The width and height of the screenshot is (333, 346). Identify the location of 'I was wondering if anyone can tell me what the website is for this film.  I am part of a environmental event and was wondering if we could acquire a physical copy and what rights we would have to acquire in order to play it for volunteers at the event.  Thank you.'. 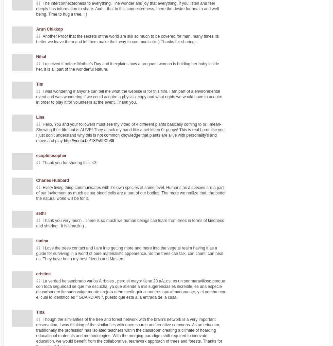
(36, 97).